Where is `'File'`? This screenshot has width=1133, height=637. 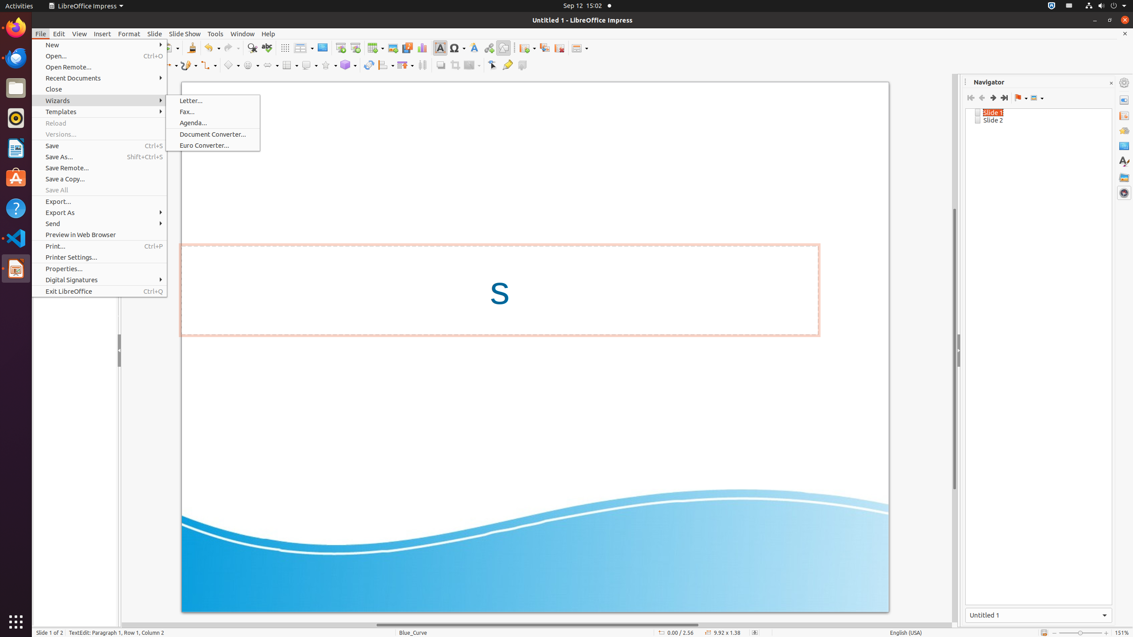
'File' is located at coordinates (40, 34).